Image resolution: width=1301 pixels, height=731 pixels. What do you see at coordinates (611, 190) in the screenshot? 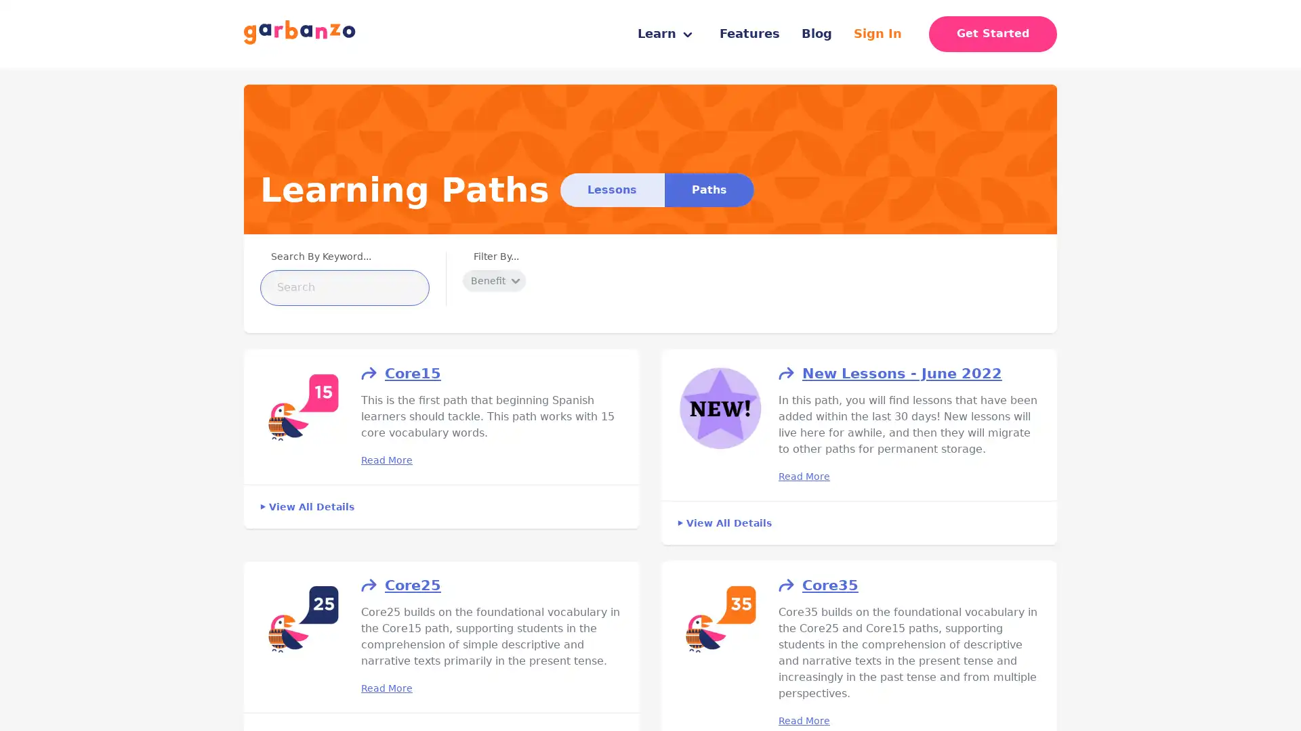
I see `View Lessons` at bounding box center [611, 190].